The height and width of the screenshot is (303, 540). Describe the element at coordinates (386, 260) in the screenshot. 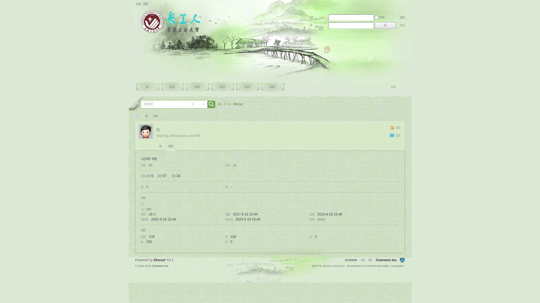

I see `'Comsenz Inc.'` at that location.